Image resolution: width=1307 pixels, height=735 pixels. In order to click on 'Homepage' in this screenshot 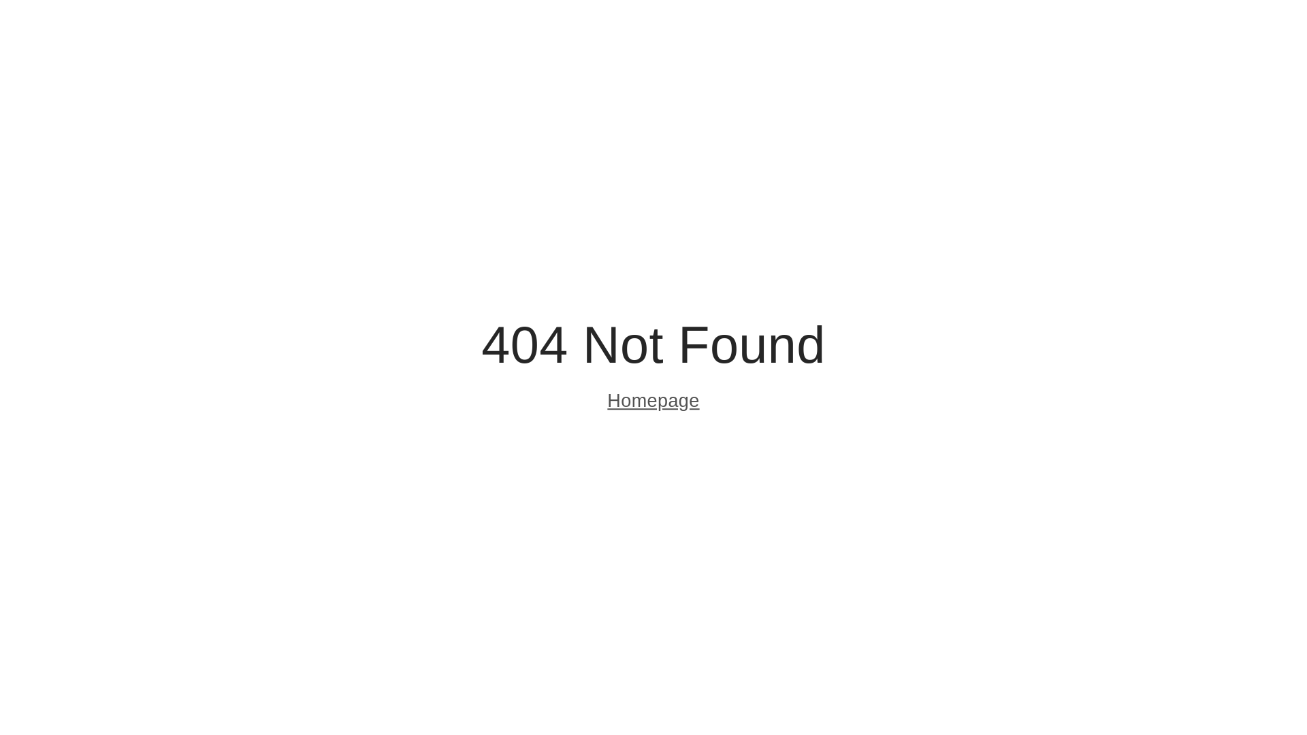, I will do `click(607, 402)`.